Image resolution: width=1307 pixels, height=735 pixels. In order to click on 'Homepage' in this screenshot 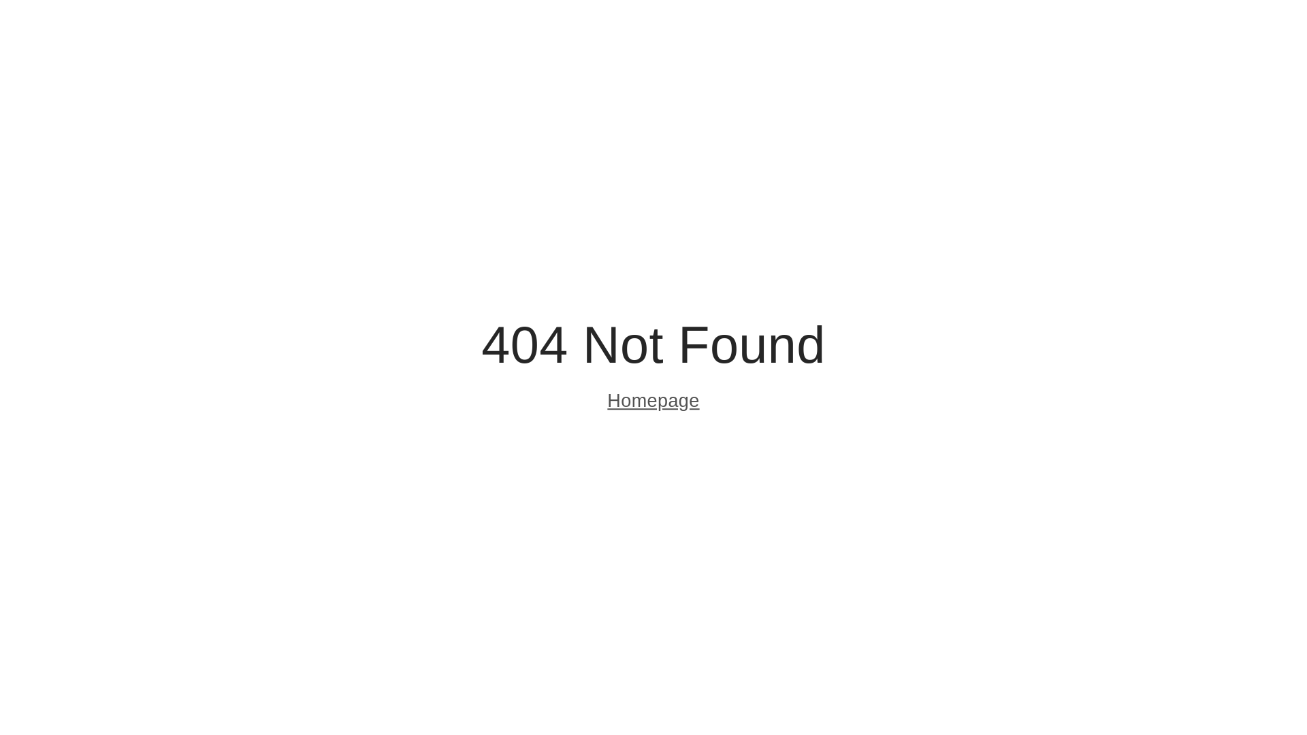, I will do `click(607, 402)`.